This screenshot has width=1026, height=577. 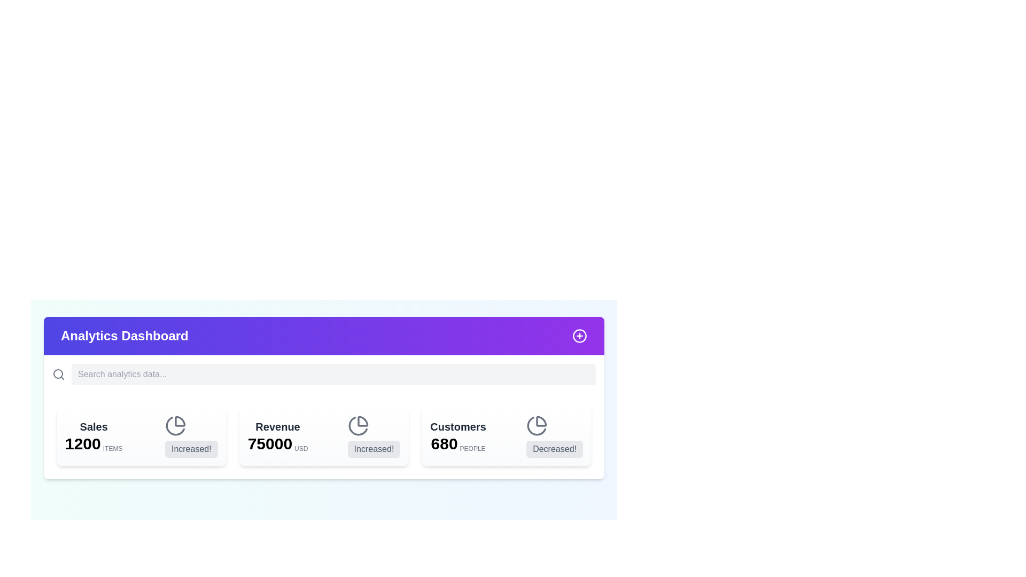 I want to click on the Text label that displays a status or trend indicator related to a decrease, located under the heading 'Customers' on the dashboard, so click(x=555, y=449).